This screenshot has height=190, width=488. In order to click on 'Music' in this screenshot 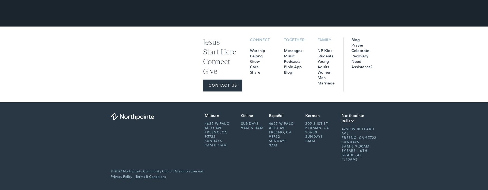, I will do `click(283, 56)`.